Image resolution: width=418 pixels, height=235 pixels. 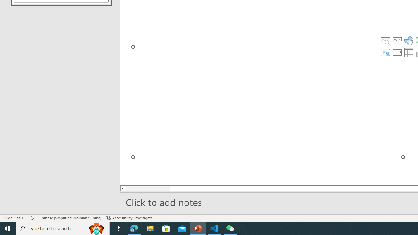 What do you see at coordinates (385, 40) in the screenshot?
I see `'Stock Images'` at bounding box center [385, 40].